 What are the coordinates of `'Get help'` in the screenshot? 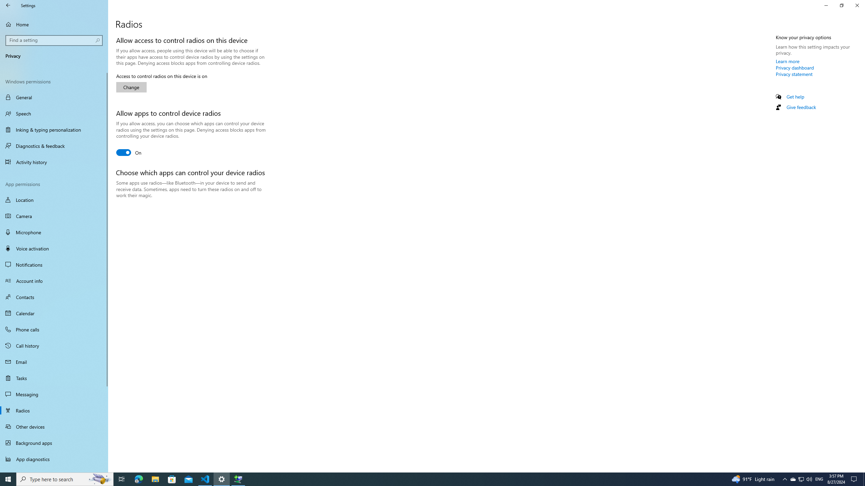 It's located at (795, 97).